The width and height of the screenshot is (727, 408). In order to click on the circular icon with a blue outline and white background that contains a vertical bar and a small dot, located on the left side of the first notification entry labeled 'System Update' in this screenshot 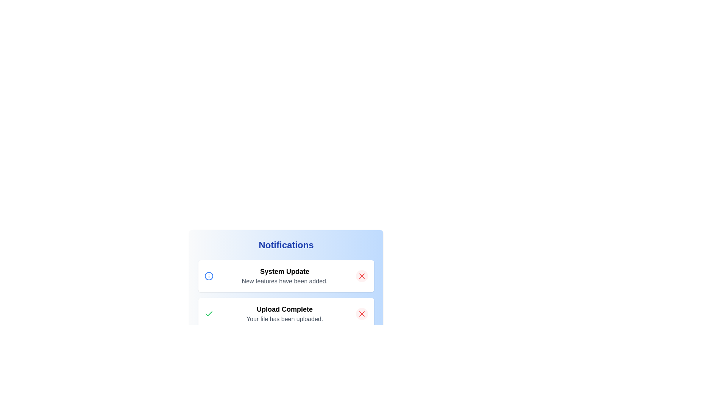, I will do `click(209, 276)`.